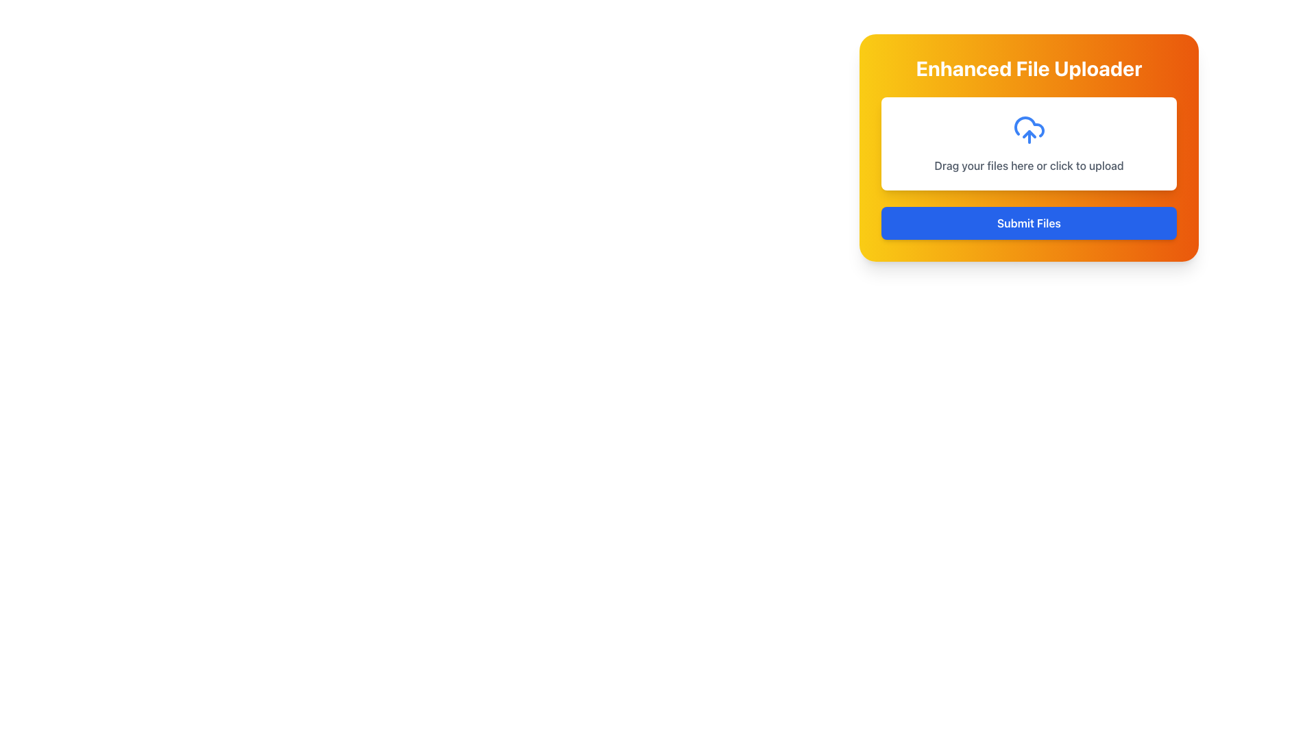 The width and height of the screenshot is (1316, 740). I want to click on the input field within the vibrant Composite card containing a file upload prompt, so click(1029, 148).